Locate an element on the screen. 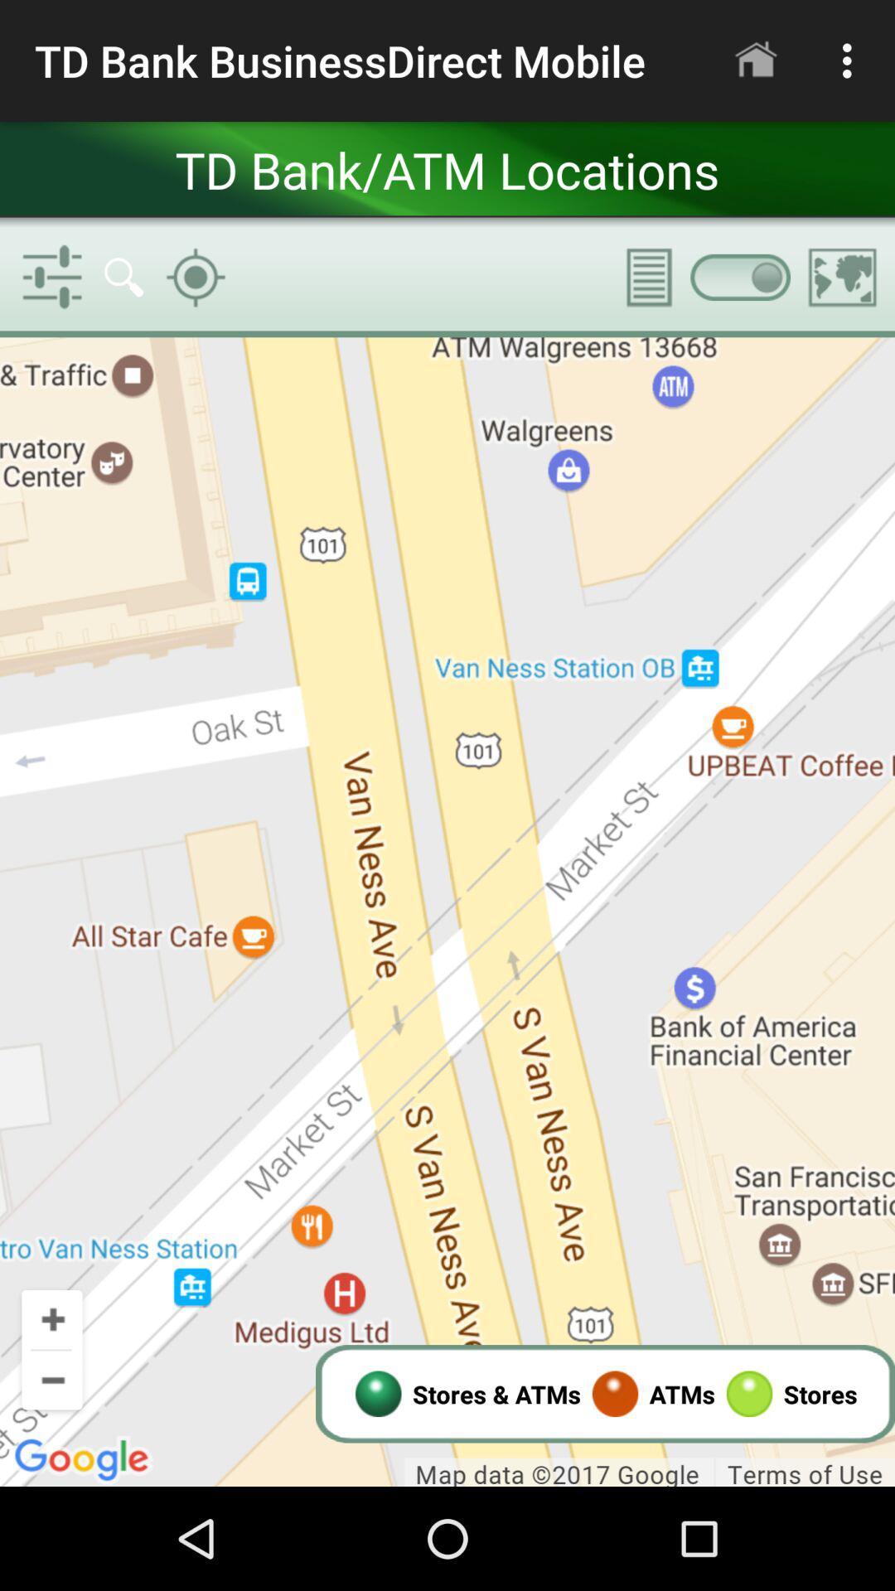 The width and height of the screenshot is (895, 1591). interactive map is located at coordinates (447, 911).